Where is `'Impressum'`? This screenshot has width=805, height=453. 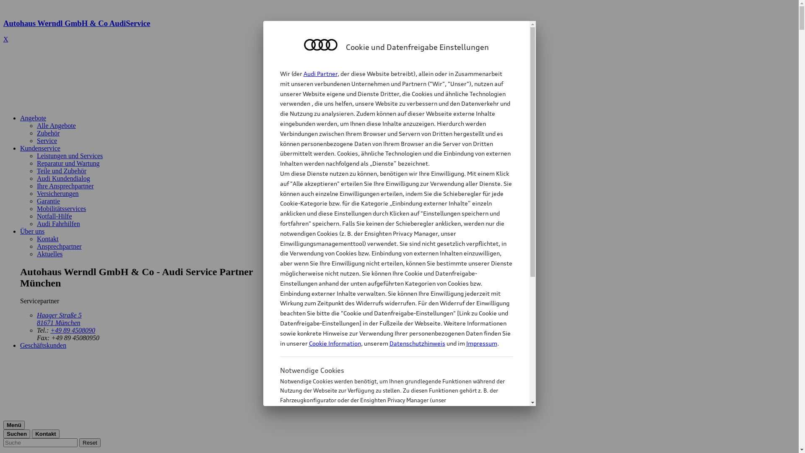
'Impressum' is located at coordinates (466, 343).